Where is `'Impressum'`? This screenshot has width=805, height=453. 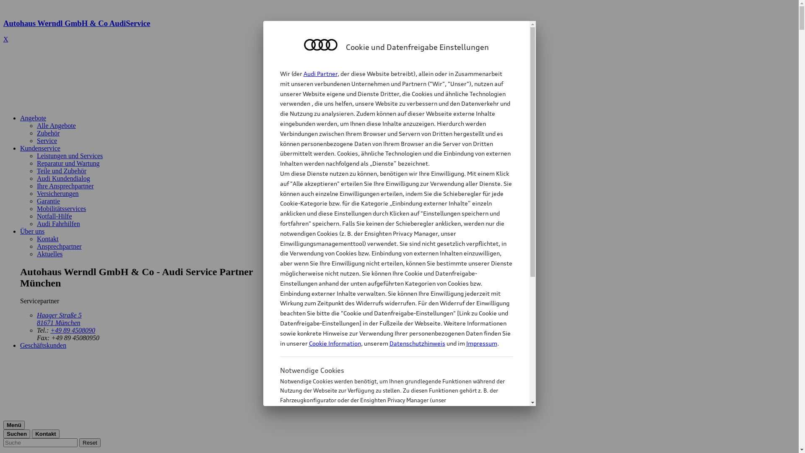
'Impressum' is located at coordinates (466, 343).